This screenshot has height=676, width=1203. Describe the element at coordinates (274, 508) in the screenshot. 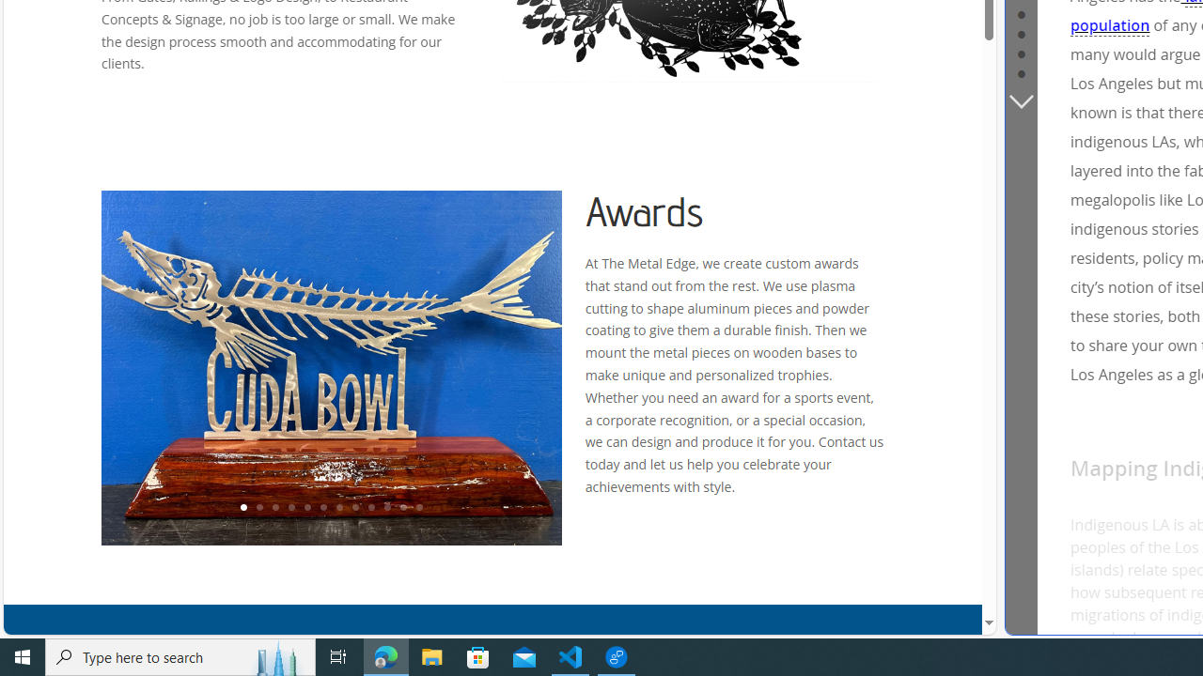

I see `'3'` at that location.